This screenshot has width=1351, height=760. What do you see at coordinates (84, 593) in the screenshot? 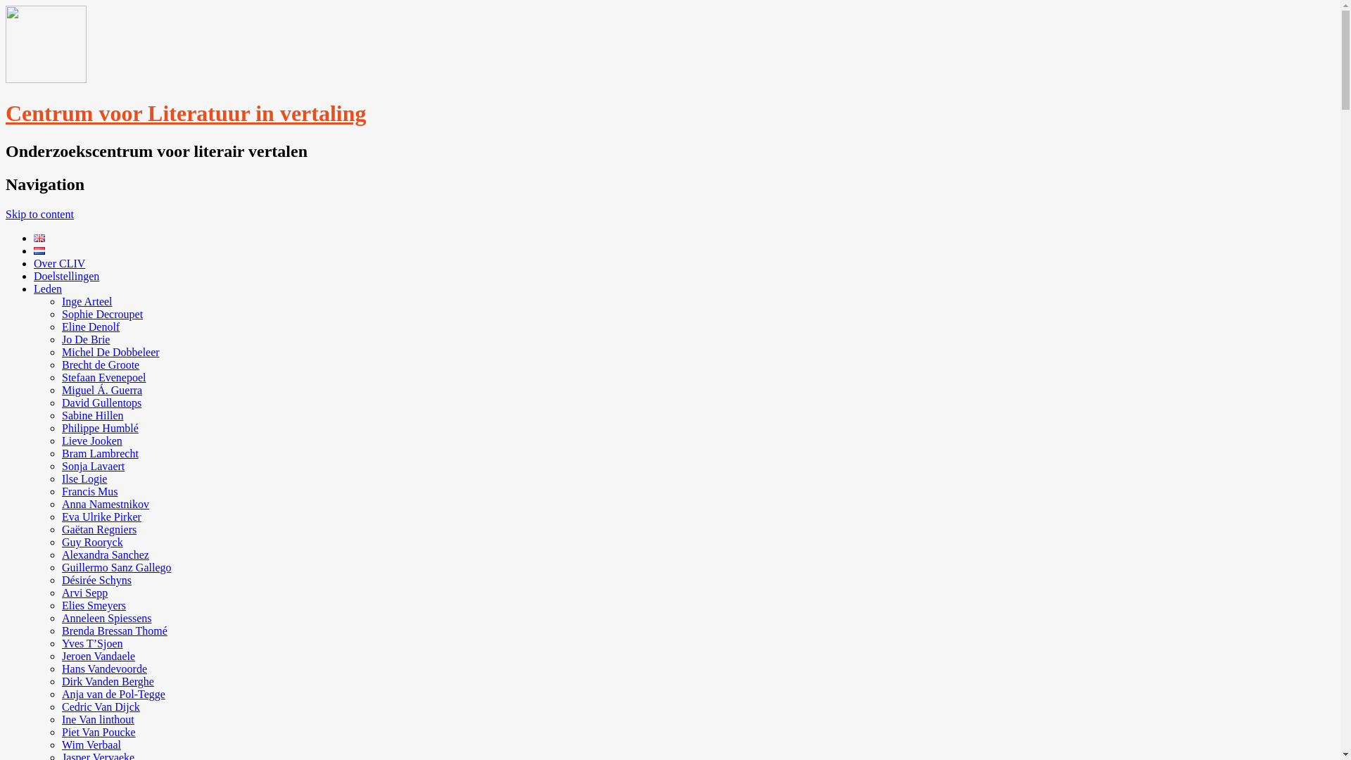
I see `'Arvi Sepp'` at bounding box center [84, 593].